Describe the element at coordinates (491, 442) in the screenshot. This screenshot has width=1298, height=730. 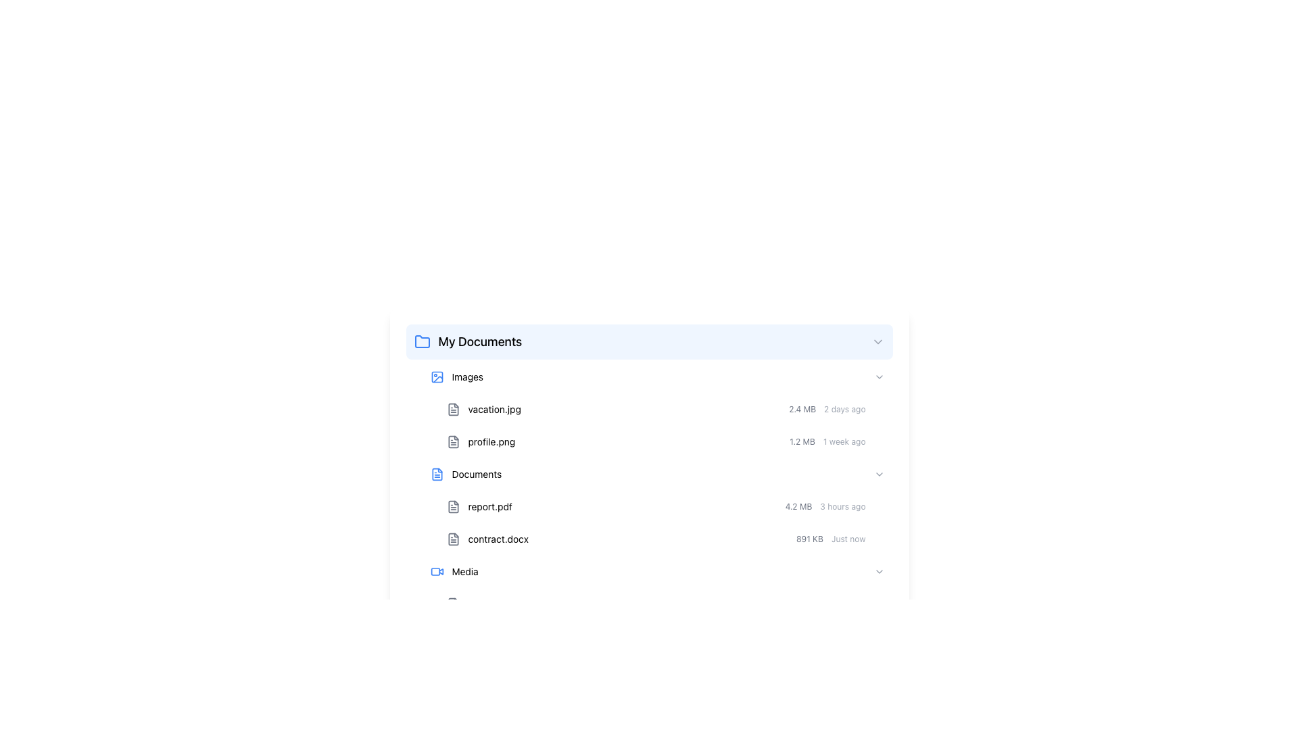
I see `text label displaying the name of the file 'profile.png', which is positioned to the right of the corresponding file icon in the list under 'Images'` at that location.